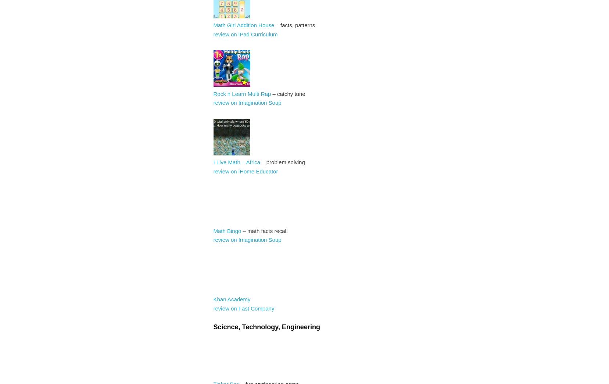 The height and width of the screenshot is (384, 609). Describe the element at coordinates (227, 230) in the screenshot. I see `'Math Bingo'` at that location.